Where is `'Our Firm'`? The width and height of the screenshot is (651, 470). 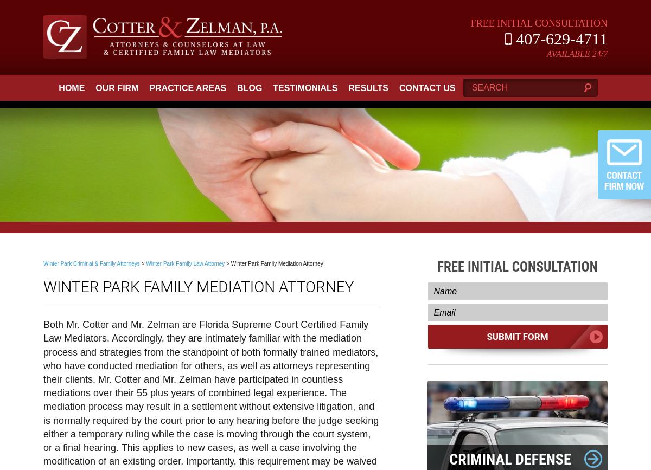 'Our Firm' is located at coordinates (116, 95).